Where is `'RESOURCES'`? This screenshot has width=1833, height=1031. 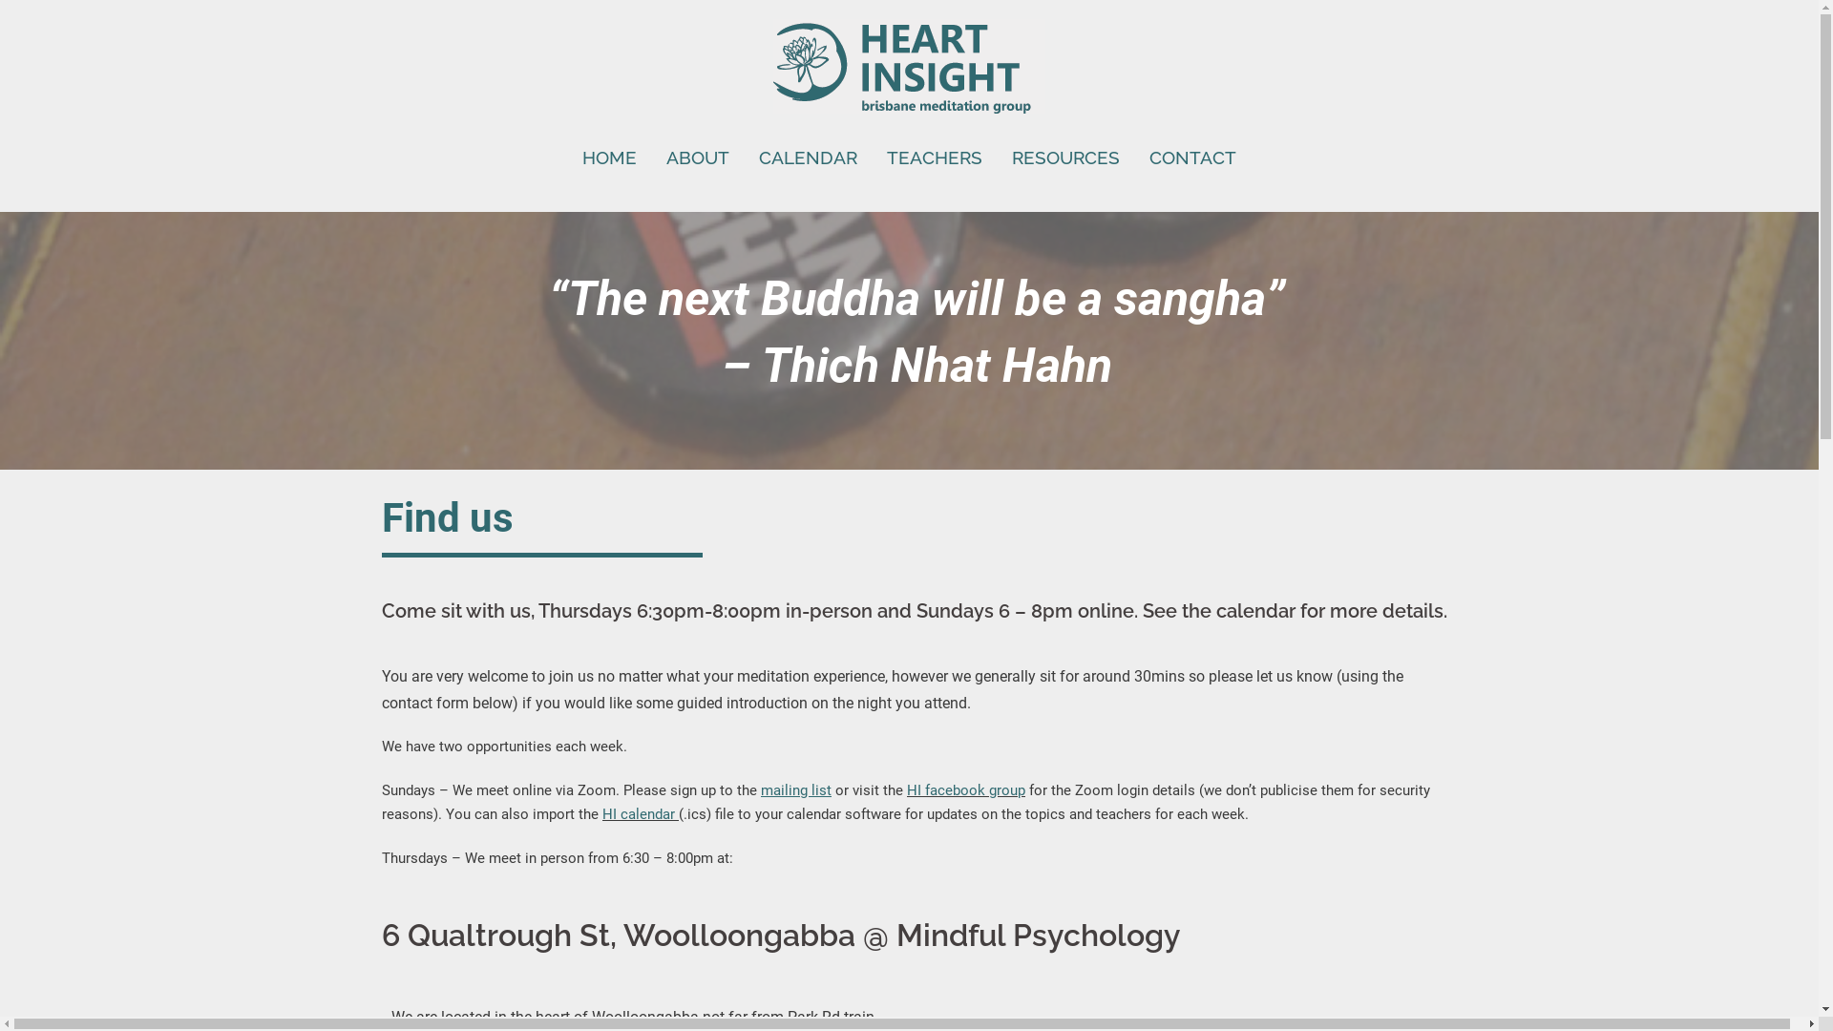
'RESOURCES' is located at coordinates (1064, 157).